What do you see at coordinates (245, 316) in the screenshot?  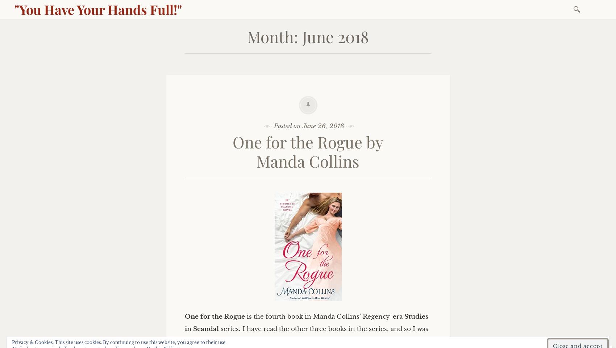 I see `'is the fourth book in Manda Collins’ Regency-era'` at bounding box center [245, 316].